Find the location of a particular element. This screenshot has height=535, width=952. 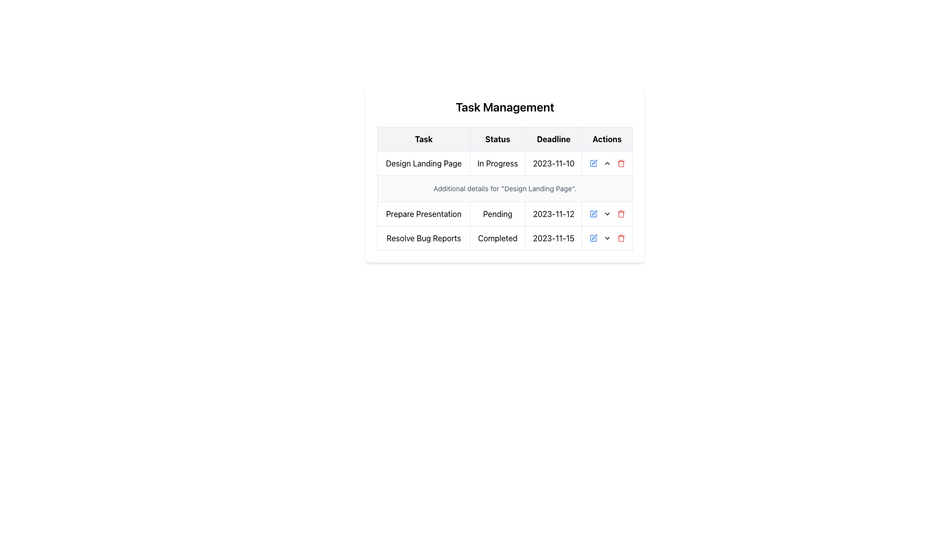

the blue pencil icon in the 'Actions' column of the table is located at coordinates (593, 214).